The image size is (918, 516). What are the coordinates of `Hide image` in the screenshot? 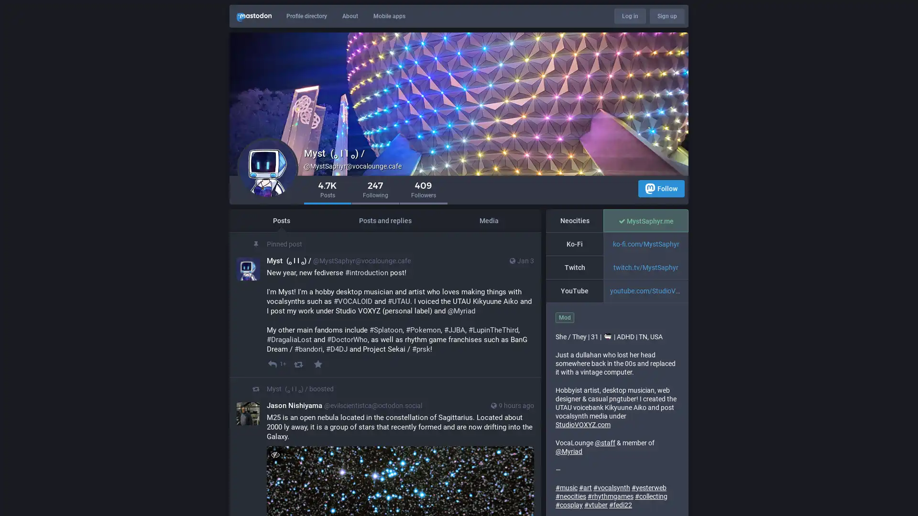 It's located at (274, 454).